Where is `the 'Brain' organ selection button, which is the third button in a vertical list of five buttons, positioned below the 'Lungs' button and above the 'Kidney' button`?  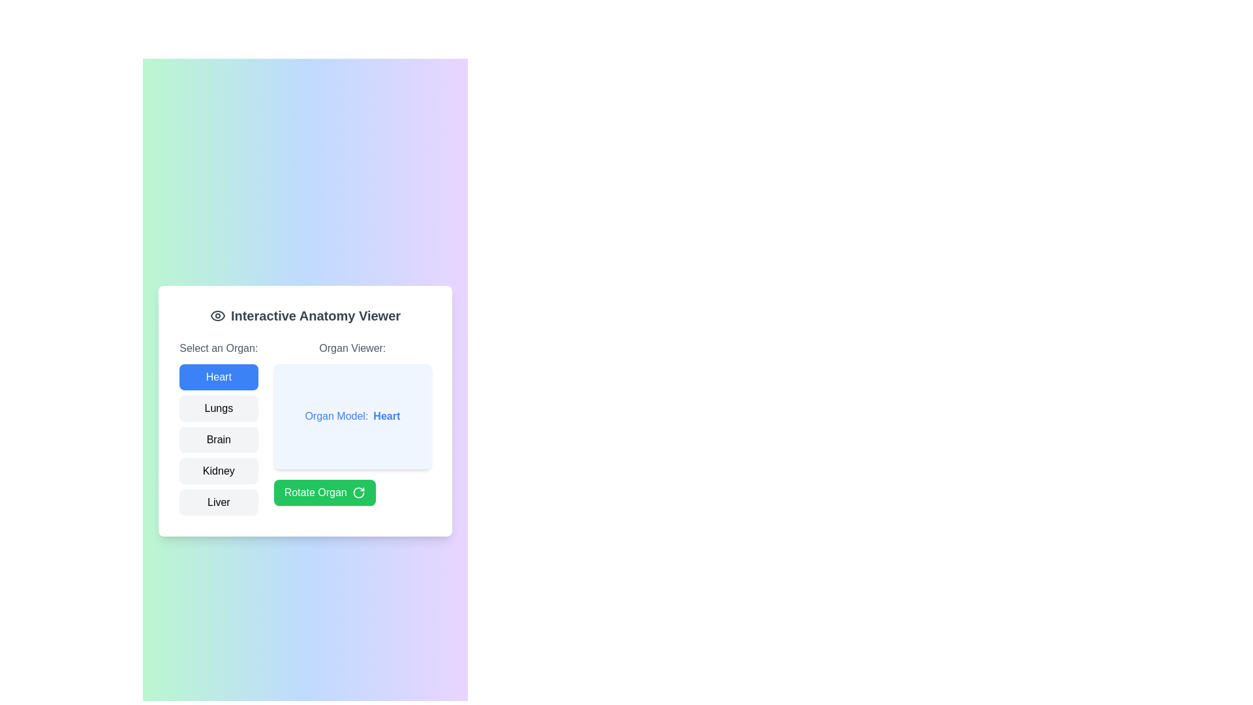 the 'Brain' organ selection button, which is the third button in a vertical list of five buttons, positioned below the 'Lungs' button and above the 'Kidney' button is located at coordinates (219, 440).